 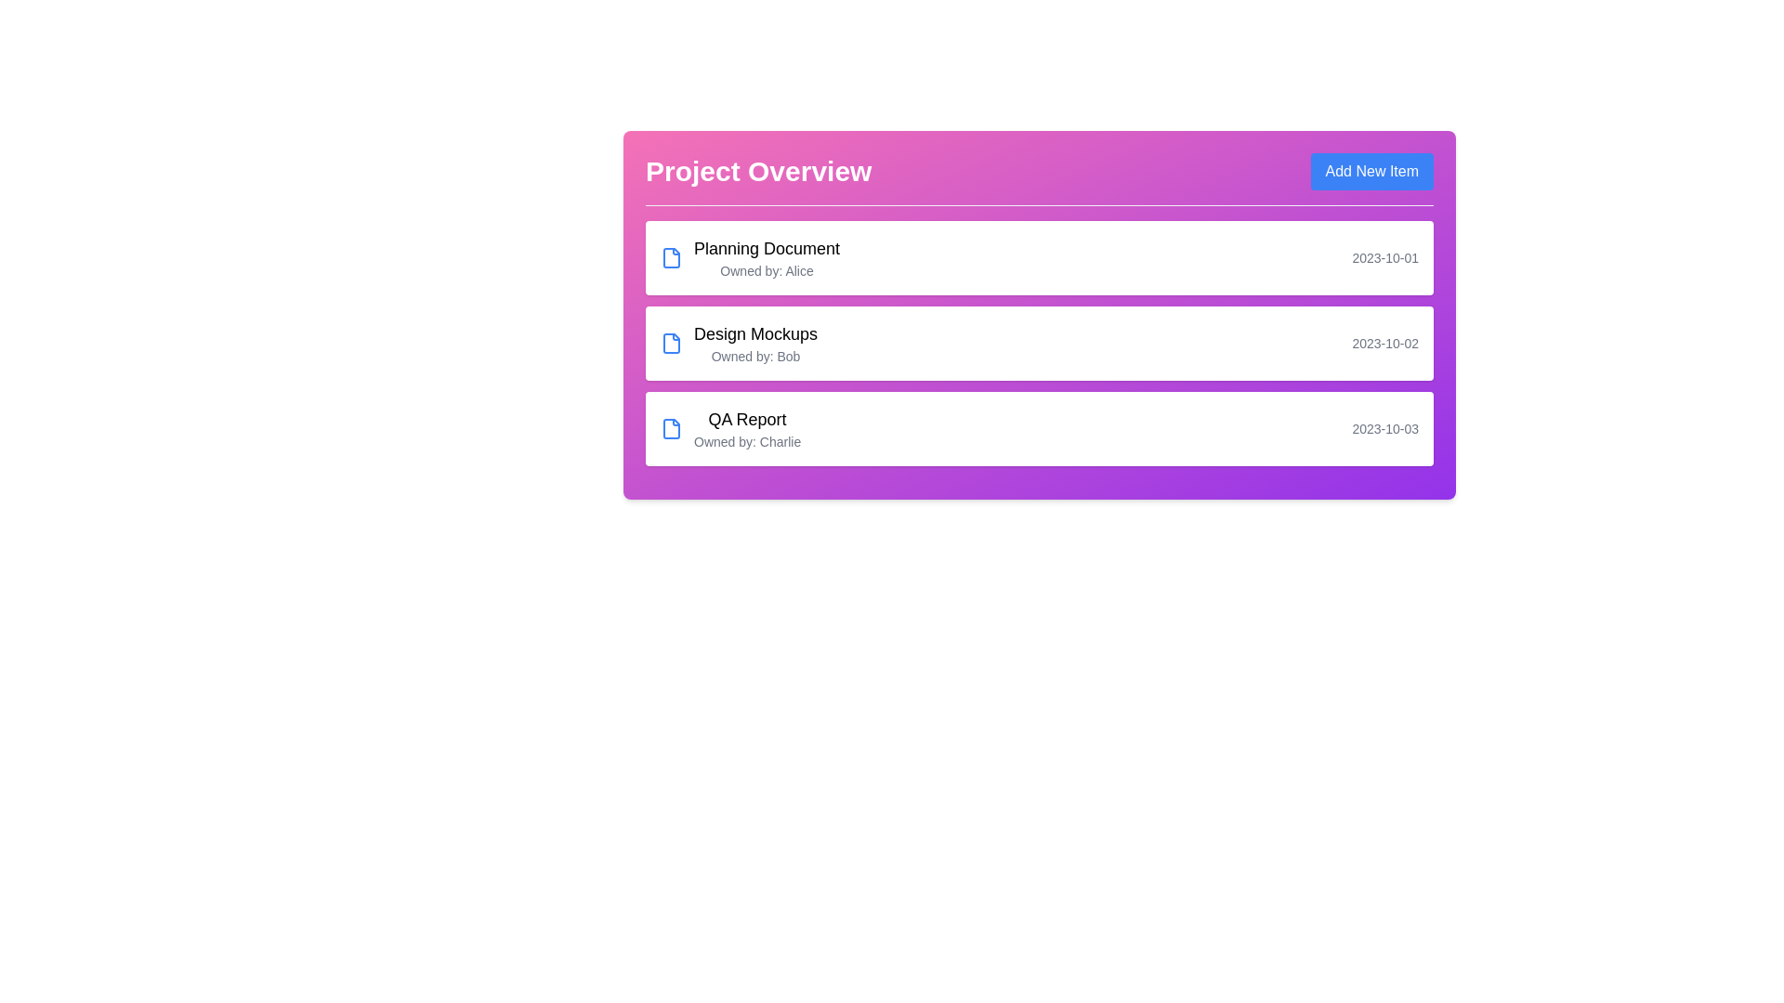 What do you see at coordinates (738, 344) in the screenshot?
I see `the list item titled 'Design Mockups' owned by 'Bob', which is the second item in a vertical list of project cards` at bounding box center [738, 344].